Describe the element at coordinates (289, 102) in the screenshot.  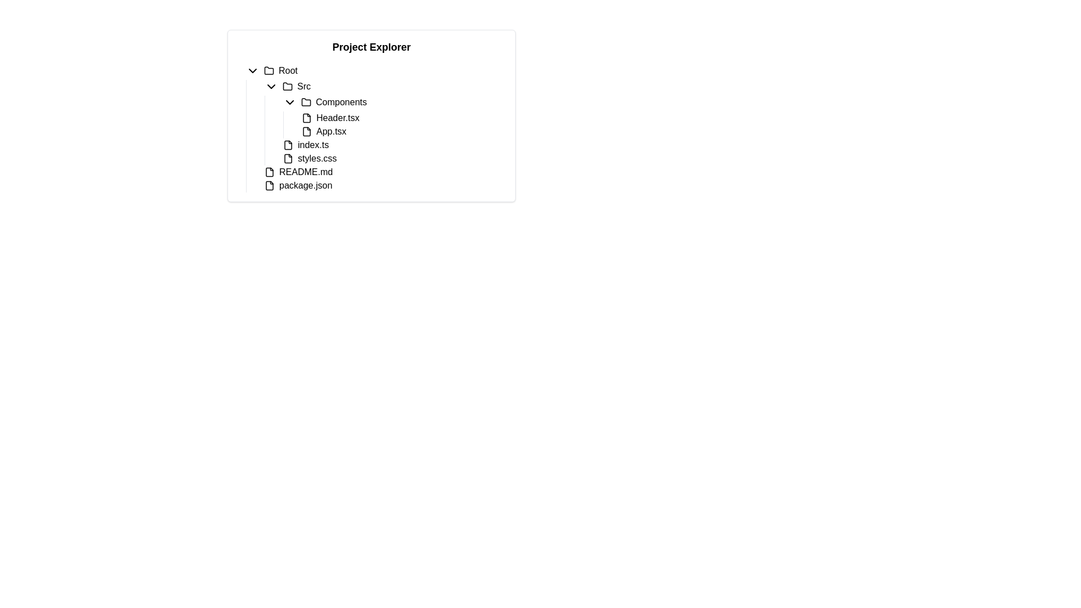
I see `the downward-pointing chevron icon next to the 'Components' label` at that location.